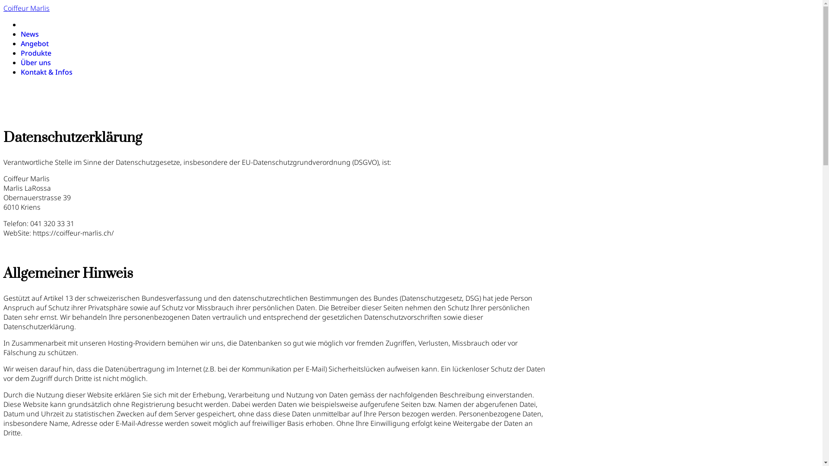  What do you see at coordinates (35, 53) in the screenshot?
I see `'Produkte'` at bounding box center [35, 53].